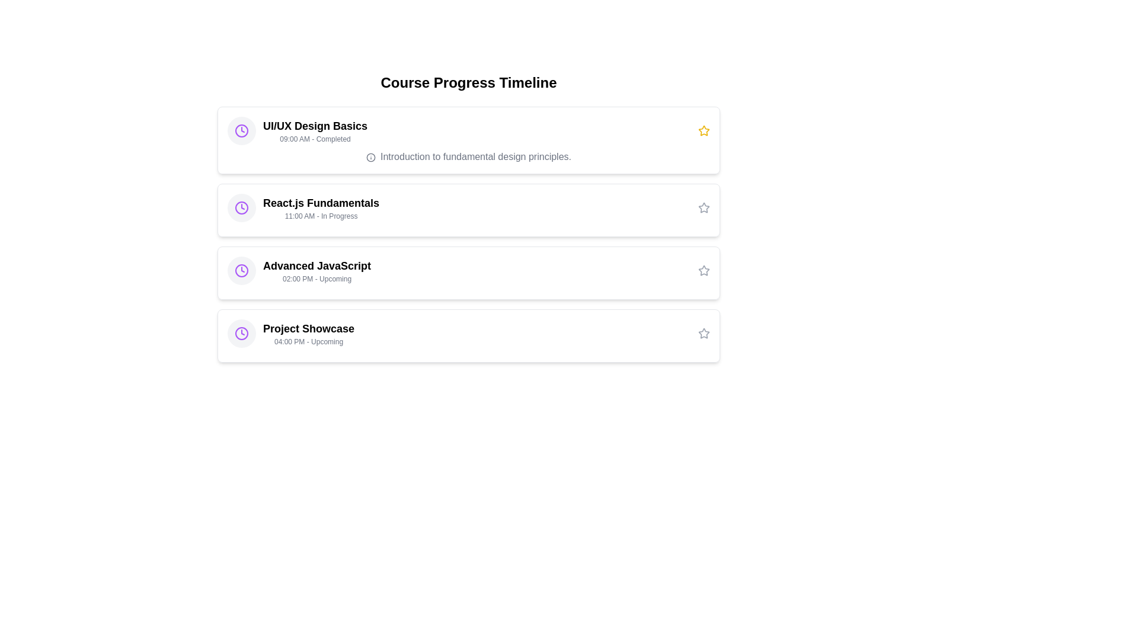  I want to click on the hollow star icon, so click(704, 207).